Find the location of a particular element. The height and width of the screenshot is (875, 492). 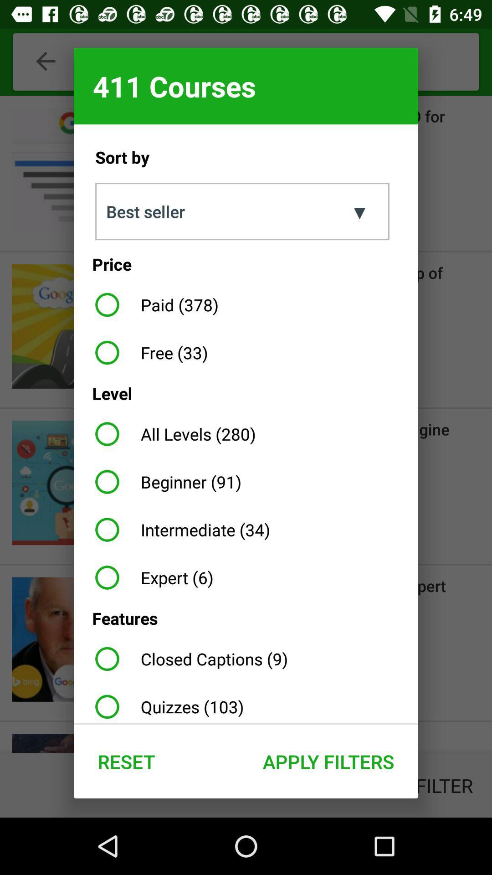

the app above the level item is located at coordinates (148, 352).